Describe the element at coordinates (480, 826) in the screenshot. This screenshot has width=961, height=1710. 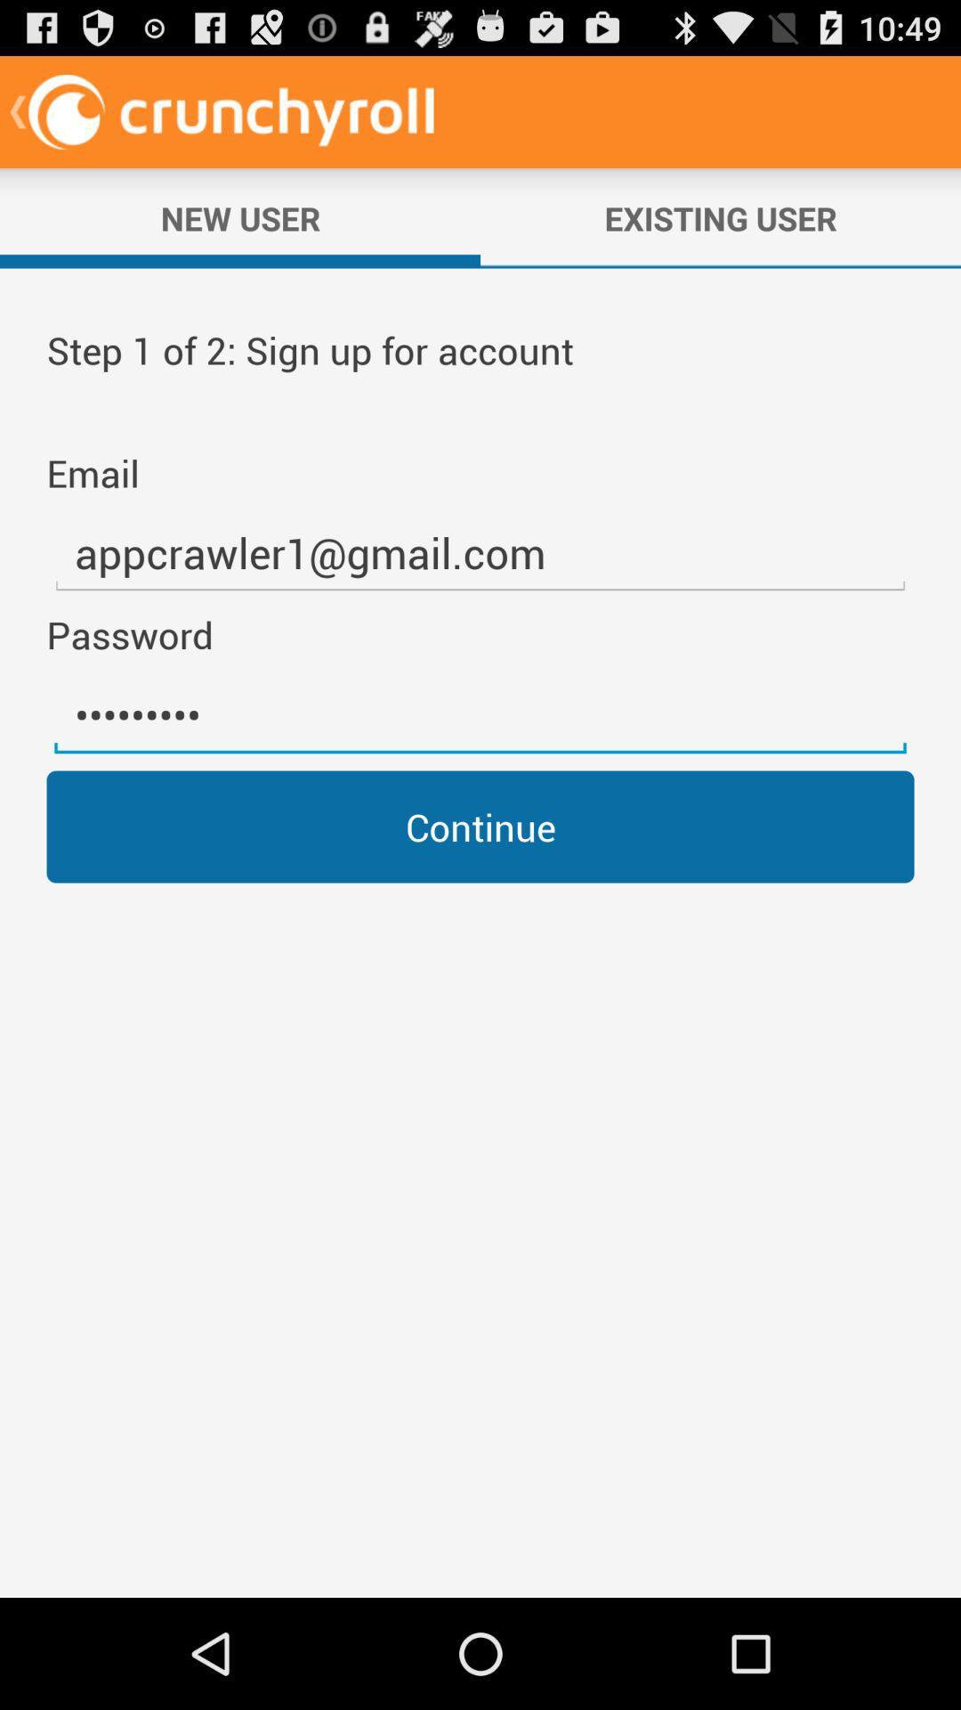
I see `the icon below the crowd3116` at that location.